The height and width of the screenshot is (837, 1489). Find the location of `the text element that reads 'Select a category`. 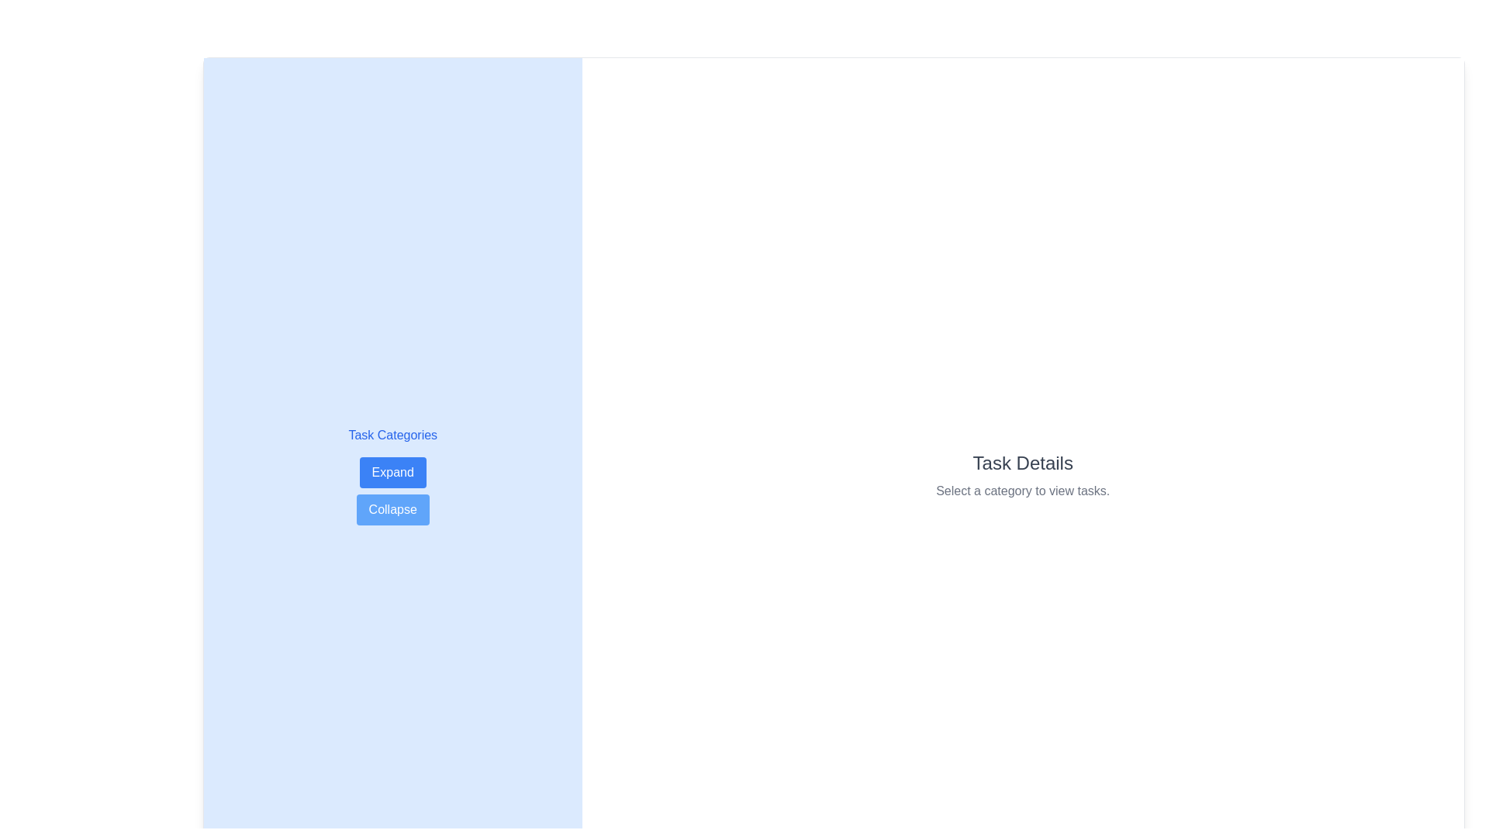

the text element that reads 'Select a category is located at coordinates (1023, 491).